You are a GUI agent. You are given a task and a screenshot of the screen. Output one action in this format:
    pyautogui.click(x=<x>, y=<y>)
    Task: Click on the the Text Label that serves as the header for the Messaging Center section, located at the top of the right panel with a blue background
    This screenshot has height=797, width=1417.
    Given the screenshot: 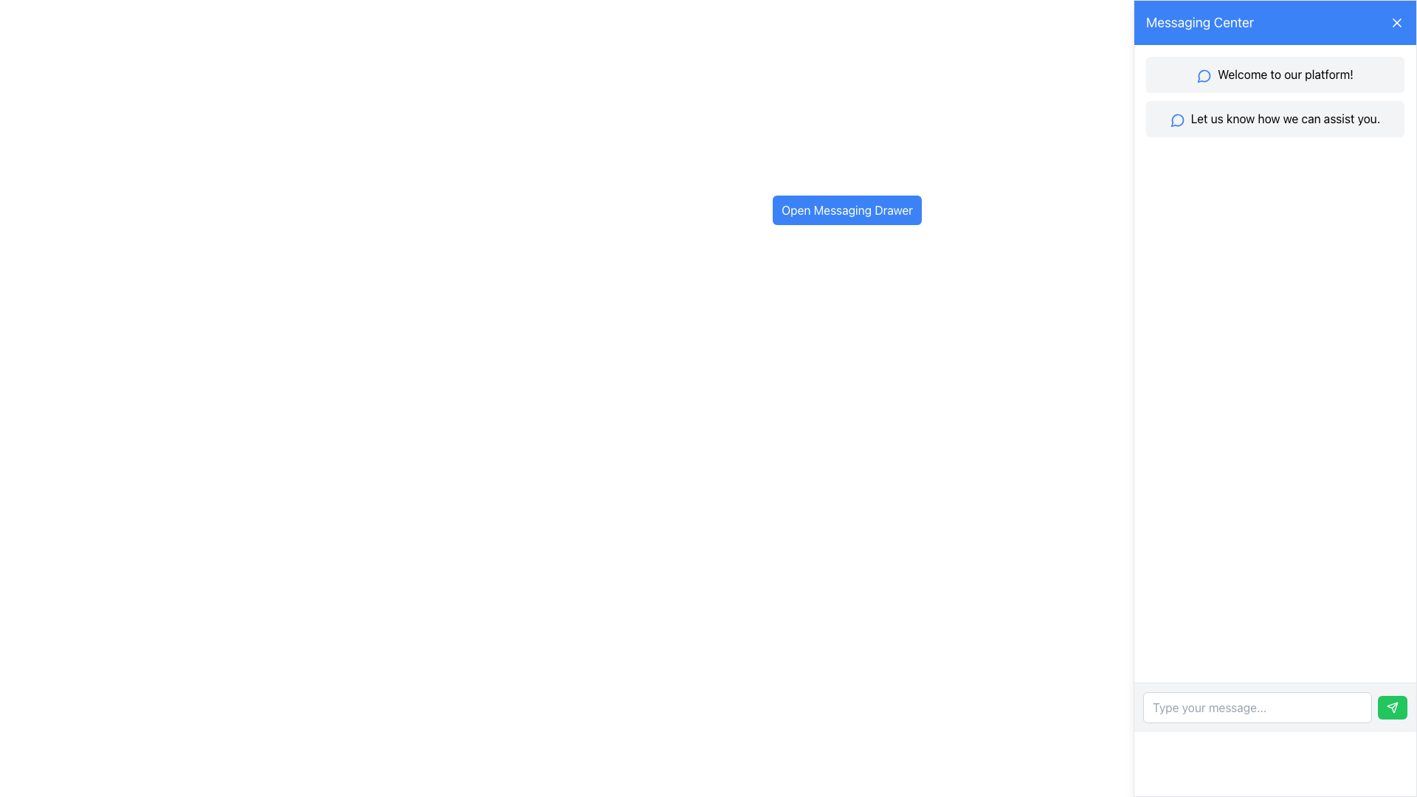 What is the action you would take?
    pyautogui.click(x=1200, y=22)
    